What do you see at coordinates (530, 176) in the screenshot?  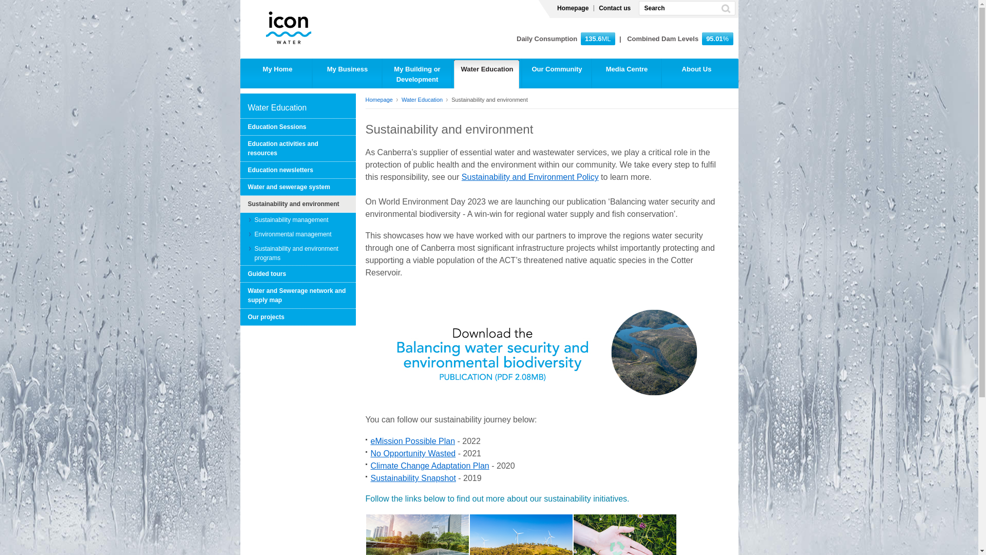 I see `'Sustainability and Environment Policy'` at bounding box center [530, 176].